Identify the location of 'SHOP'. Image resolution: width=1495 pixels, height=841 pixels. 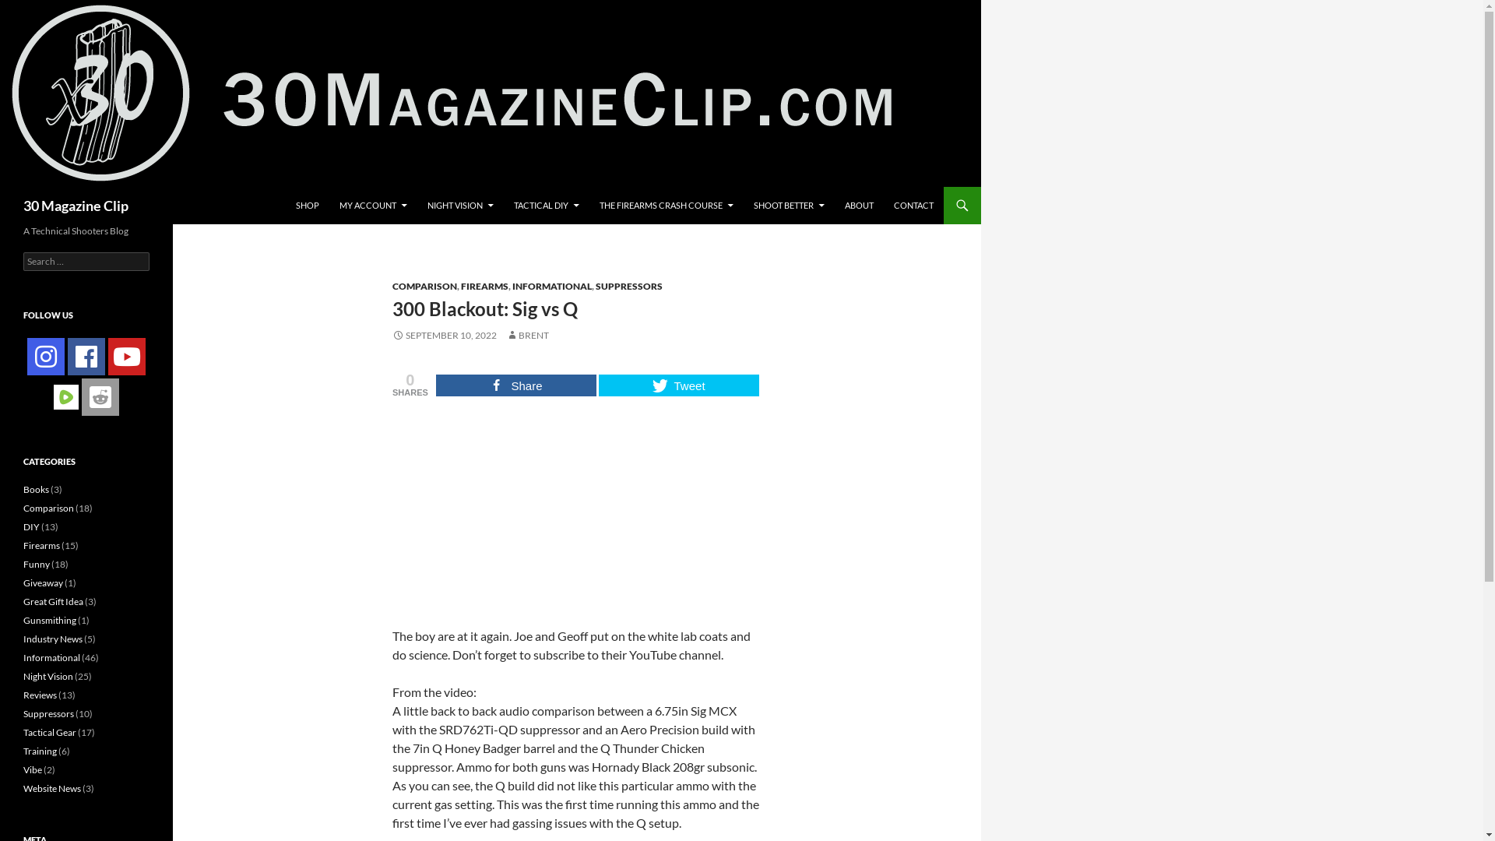
(307, 204).